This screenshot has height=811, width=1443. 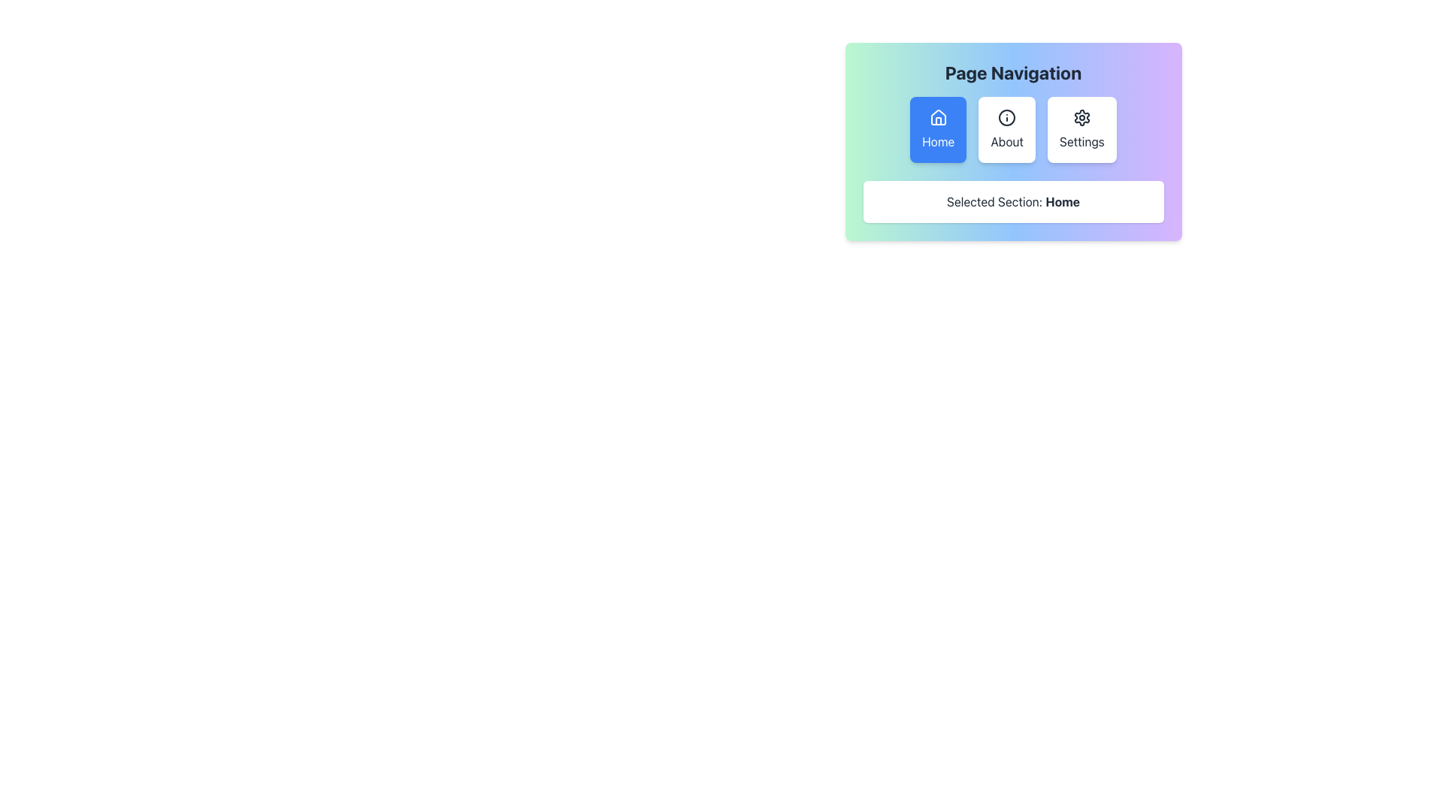 I want to click on the home icon, so click(x=937, y=116).